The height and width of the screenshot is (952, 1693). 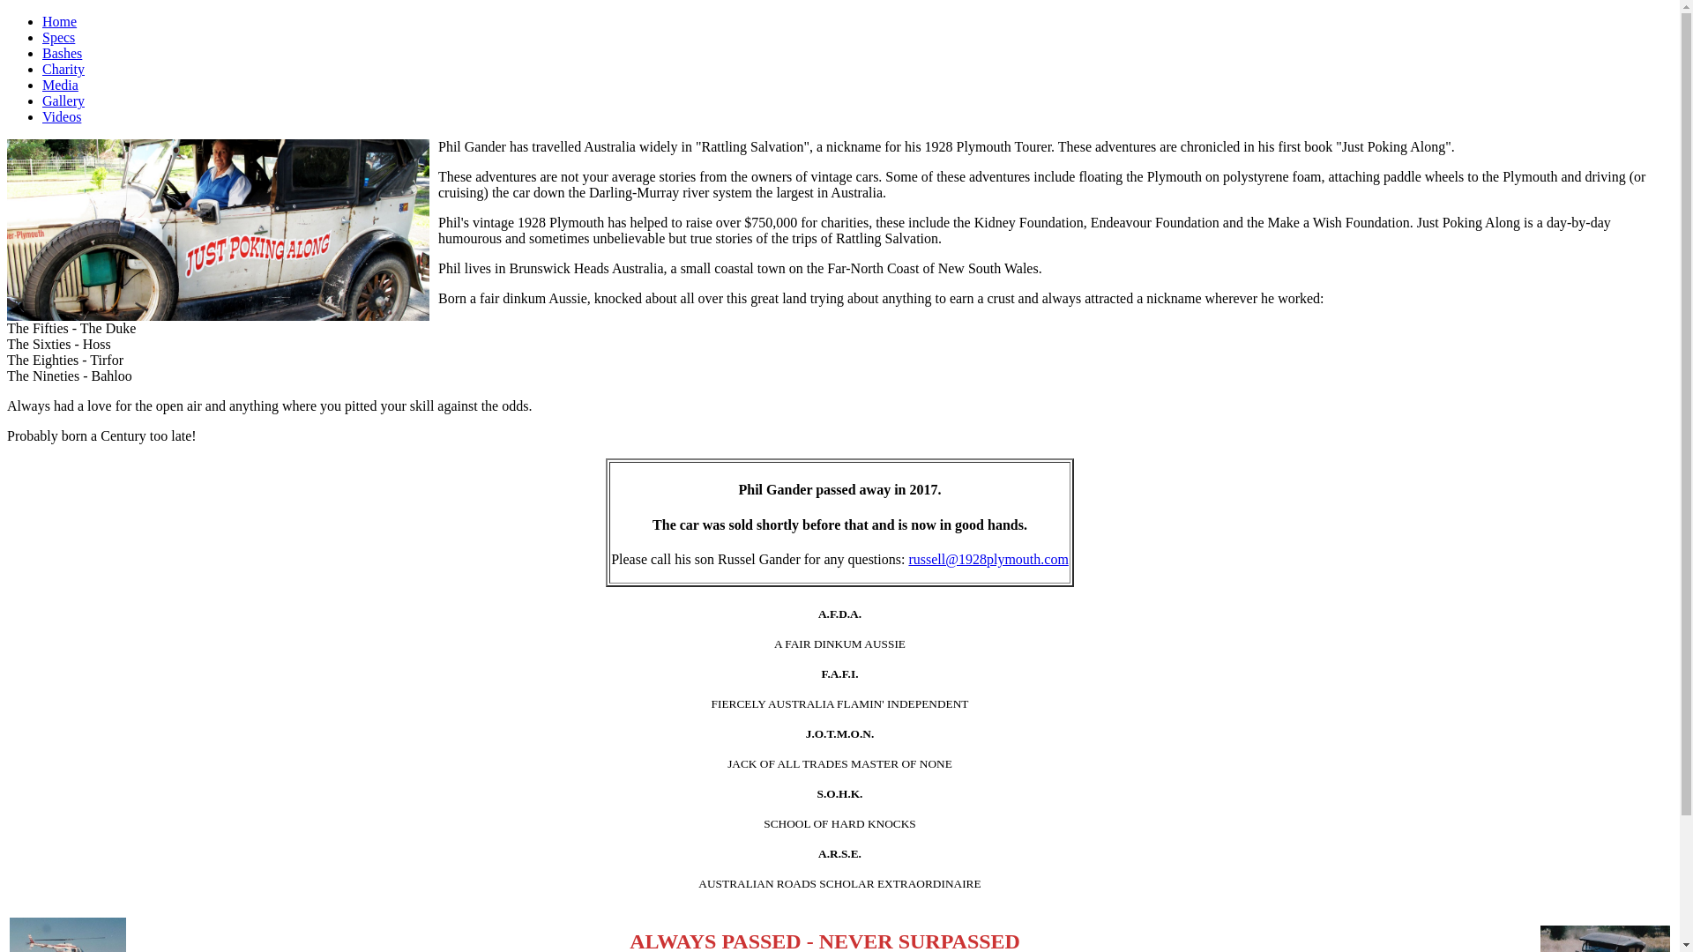 I want to click on 'Media', so click(x=60, y=85).